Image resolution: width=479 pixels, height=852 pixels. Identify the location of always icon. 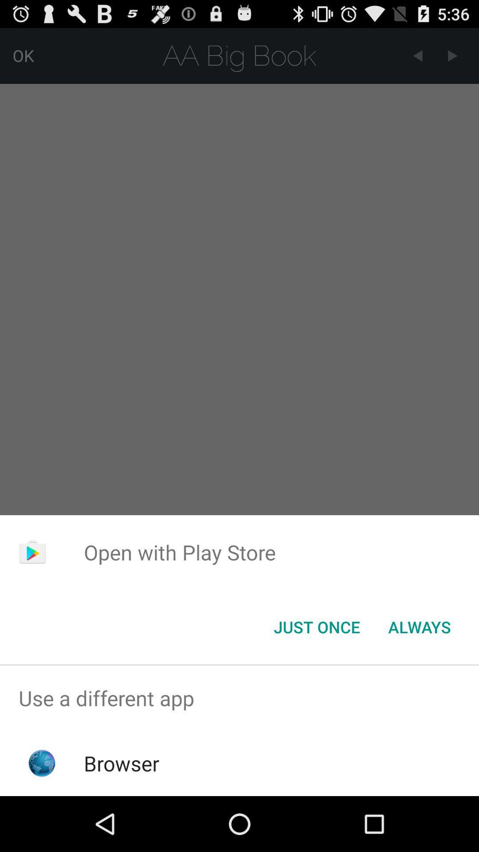
(419, 626).